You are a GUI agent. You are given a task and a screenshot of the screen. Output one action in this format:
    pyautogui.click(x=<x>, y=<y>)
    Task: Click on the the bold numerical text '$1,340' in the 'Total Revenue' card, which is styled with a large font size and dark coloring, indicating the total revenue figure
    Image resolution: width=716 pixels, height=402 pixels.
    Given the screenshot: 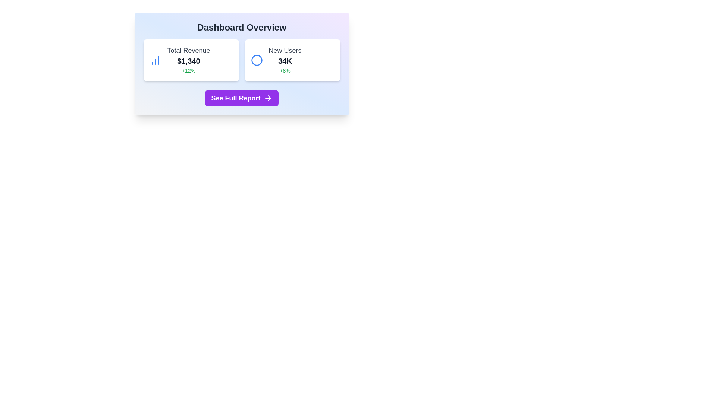 What is the action you would take?
    pyautogui.click(x=189, y=61)
    